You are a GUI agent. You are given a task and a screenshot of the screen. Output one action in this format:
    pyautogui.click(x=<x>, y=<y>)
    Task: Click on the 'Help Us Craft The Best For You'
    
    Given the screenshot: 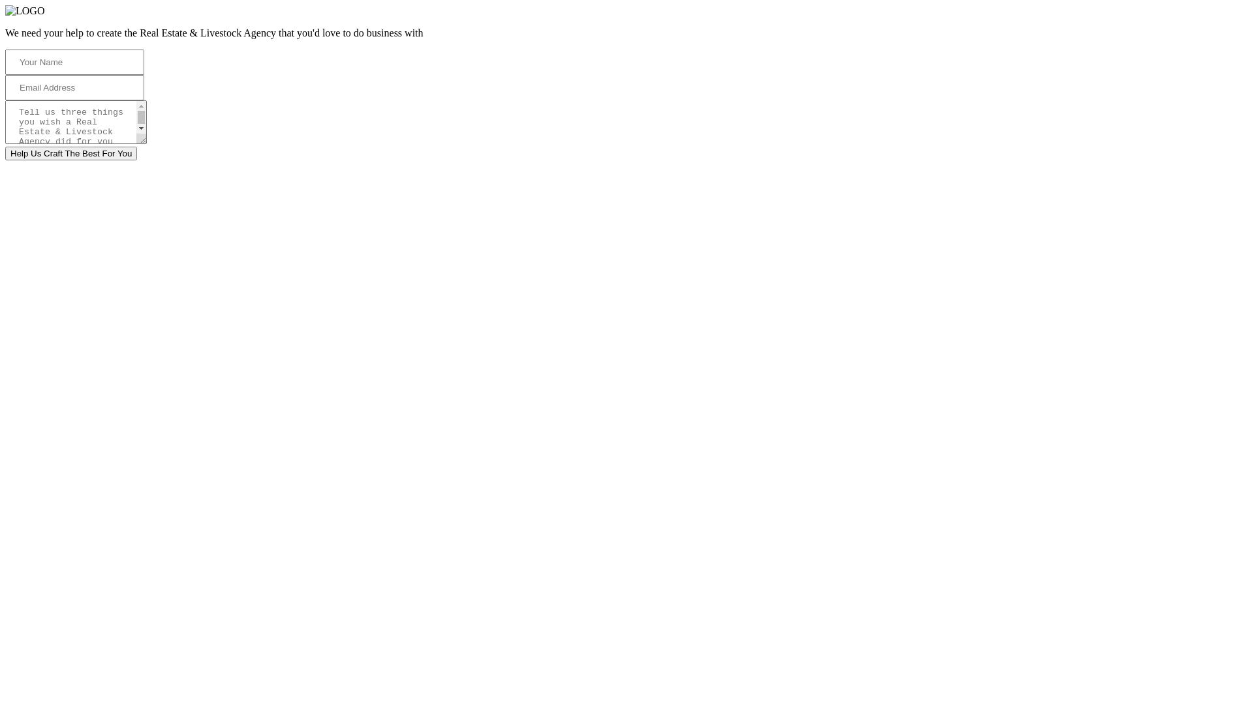 What is the action you would take?
    pyautogui.click(x=70, y=153)
    